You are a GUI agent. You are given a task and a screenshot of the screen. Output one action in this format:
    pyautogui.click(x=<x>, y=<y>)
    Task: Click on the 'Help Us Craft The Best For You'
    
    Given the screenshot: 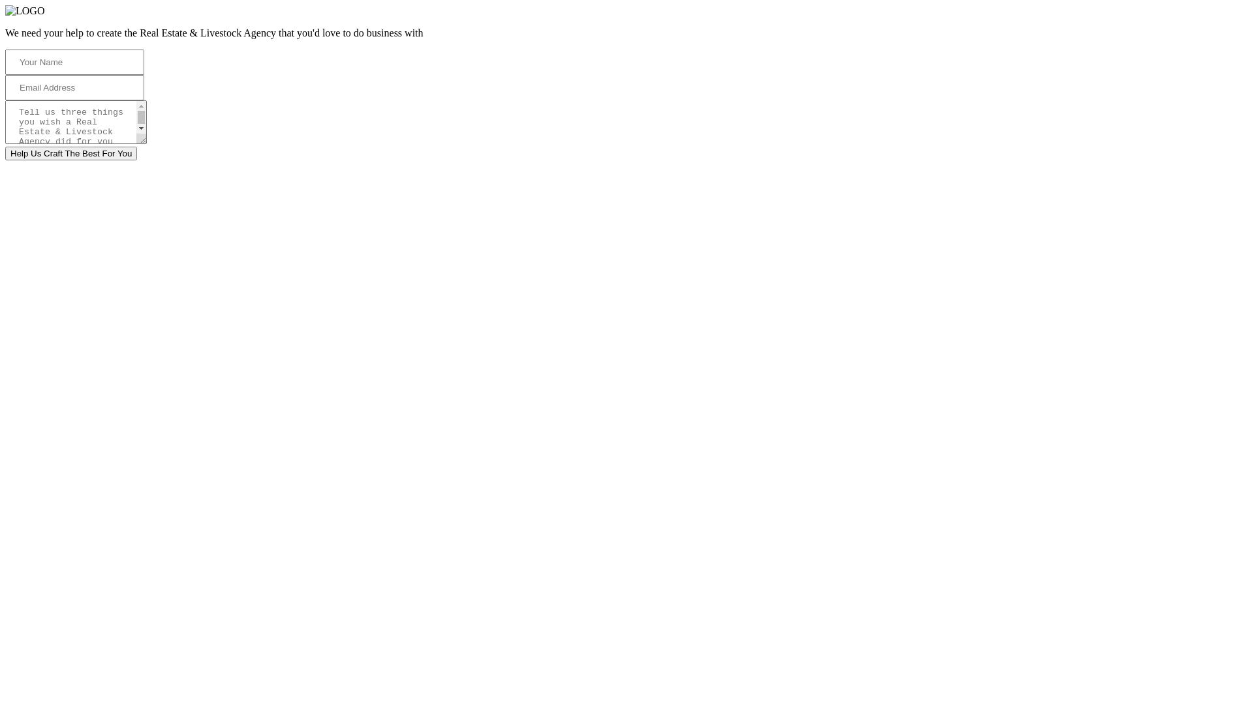 What is the action you would take?
    pyautogui.click(x=70, y=153)
    